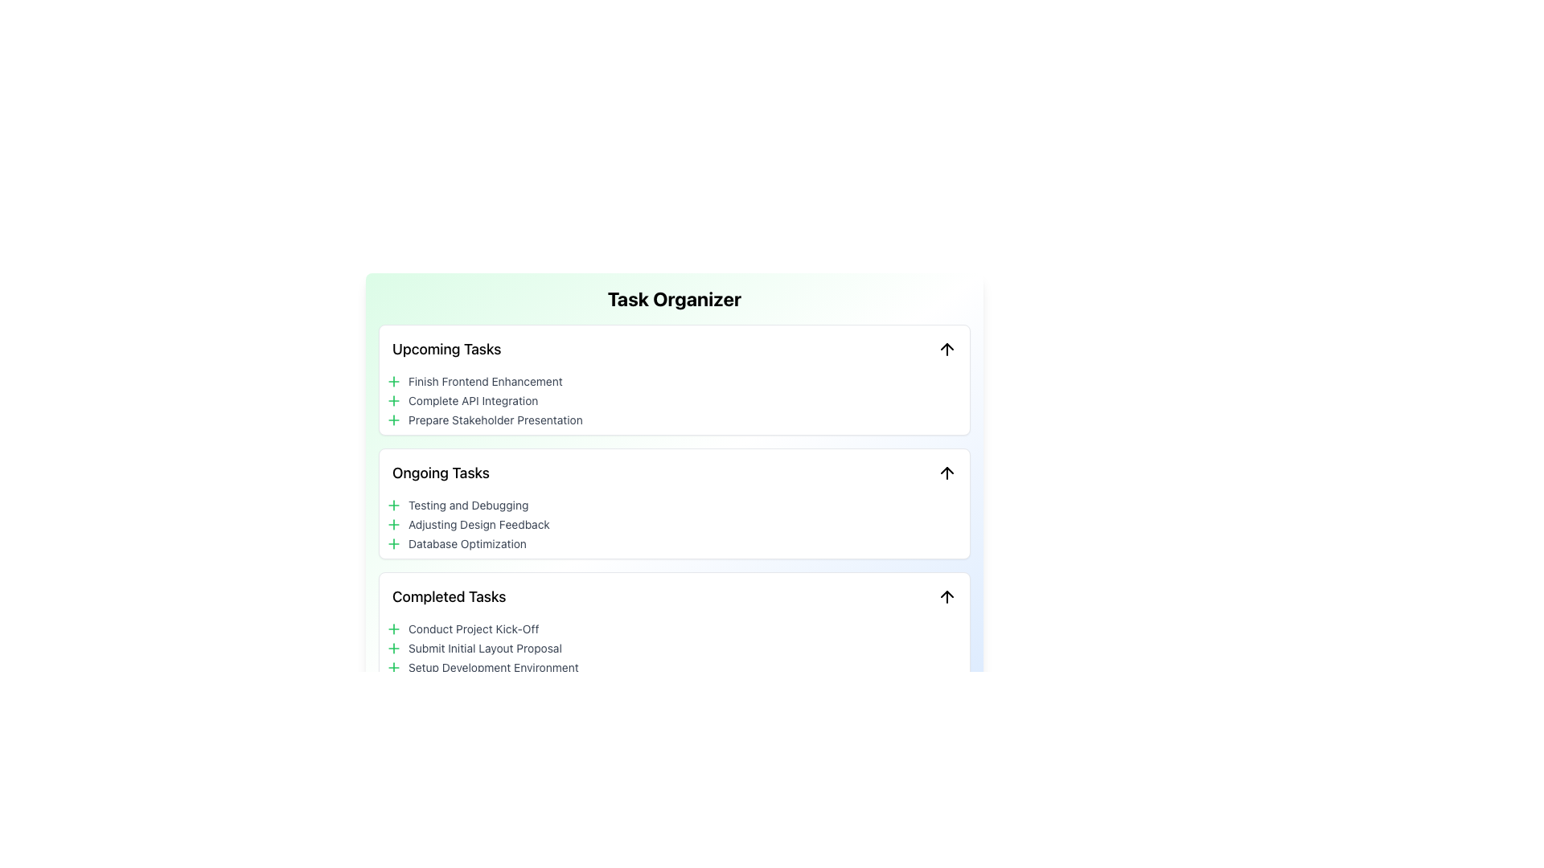 The width and height of the screenshot is (1544, 868). What do you see at coordinates (675, 381) in the screenshot?
I see `the first item in the 'Upcoming Tasks' section, which represents the task 'Finish Frontend Enhancement'` at bounding box center [675, 381].